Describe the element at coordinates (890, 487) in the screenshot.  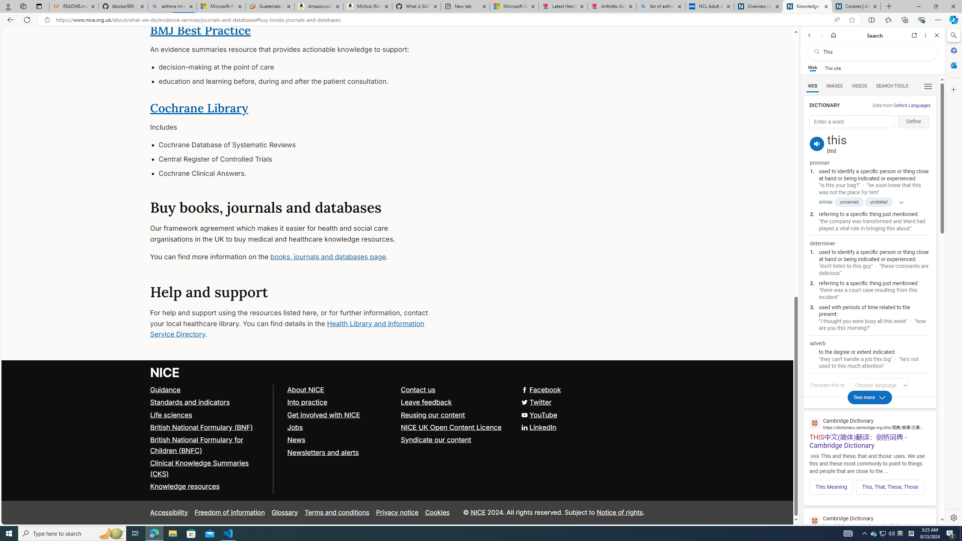
I see `'This, That, These, Those'` at that location.